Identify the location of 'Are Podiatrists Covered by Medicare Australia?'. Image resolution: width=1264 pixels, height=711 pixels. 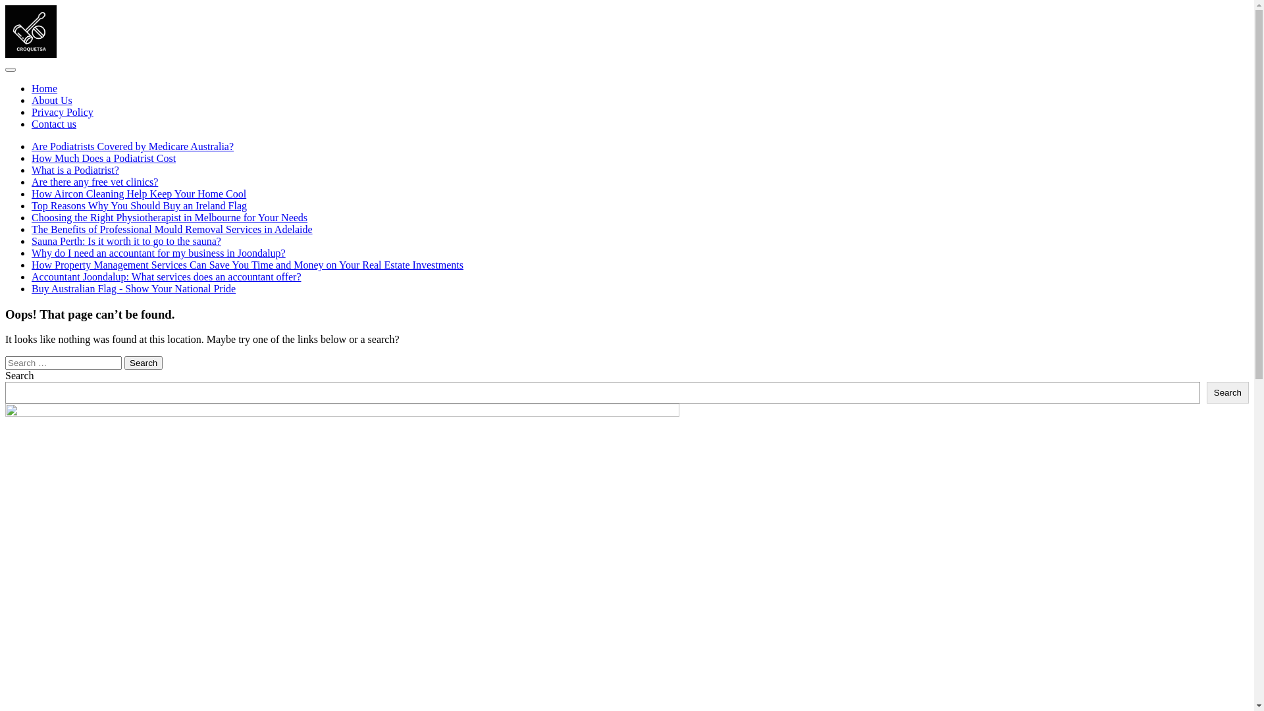
(32, 146).